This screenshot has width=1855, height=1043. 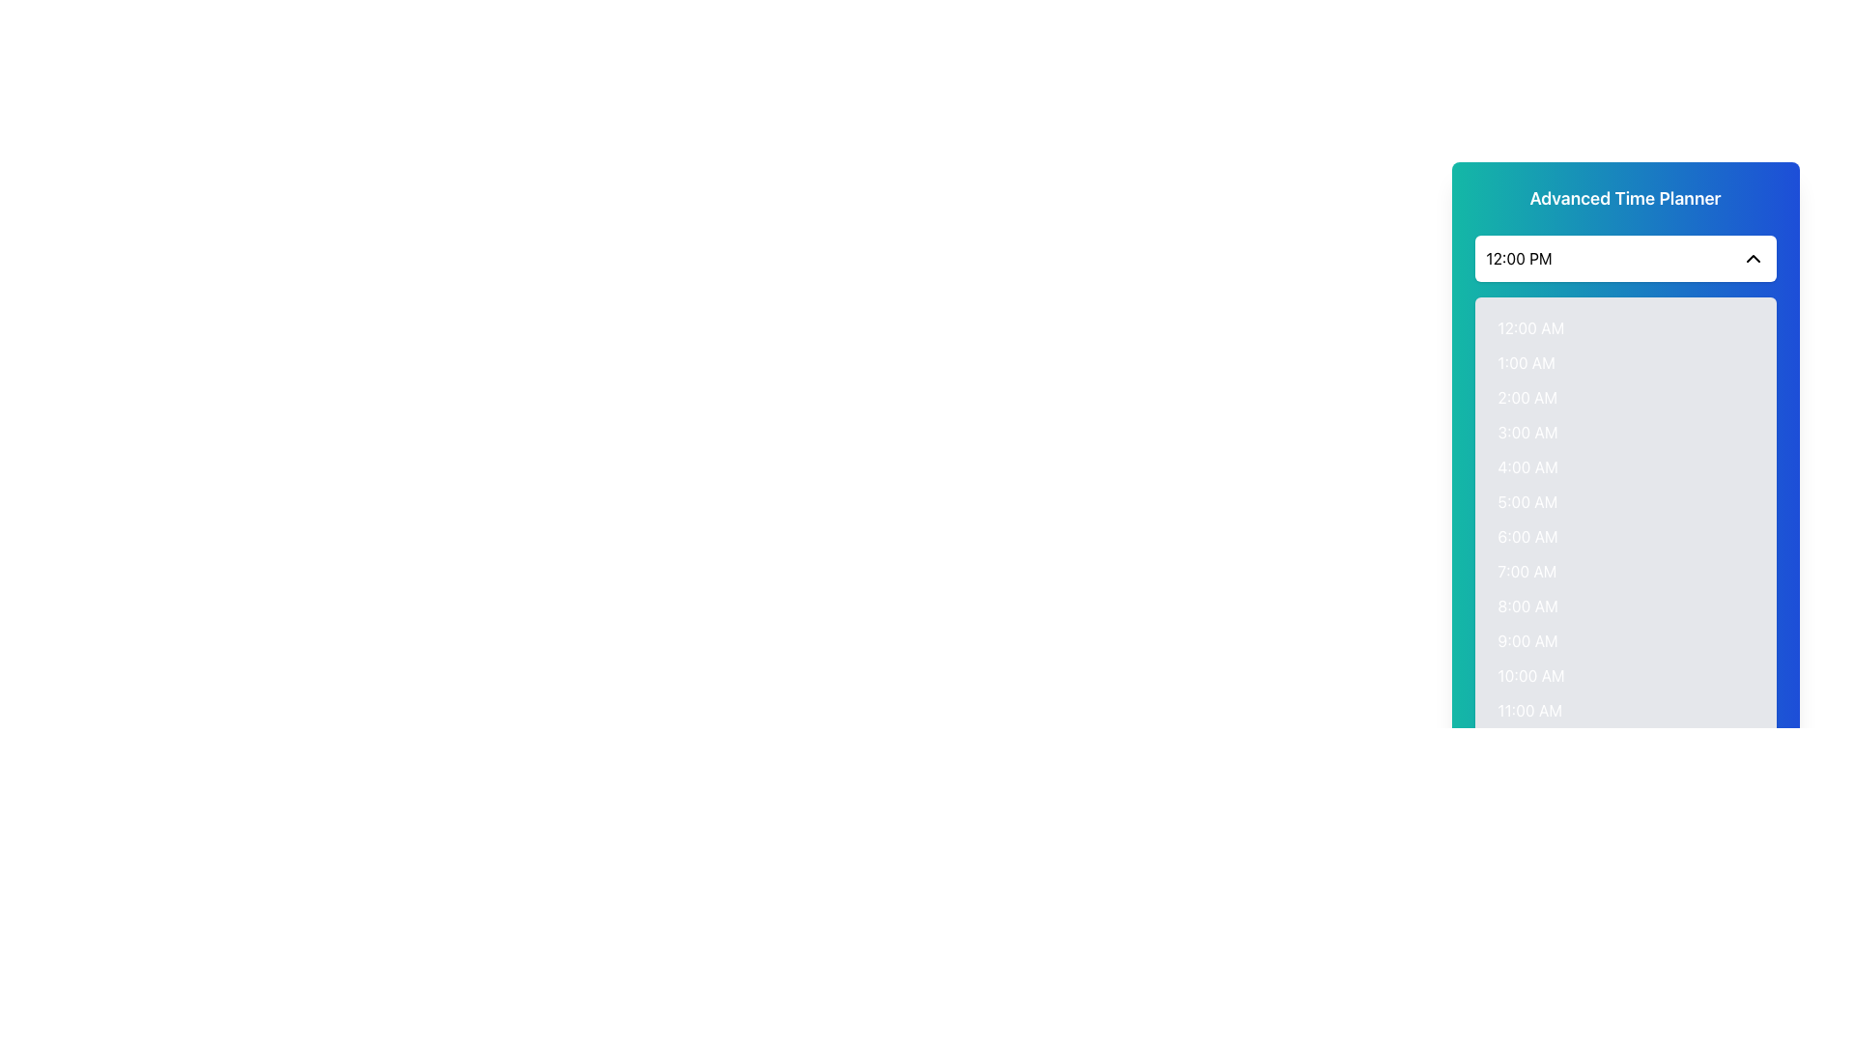 What do you see at coordinates (1624, 326) in the screenshot?
I see `the selectable item displaying '12:00 AM' in the dropdown list` at bounding box center [1624, 326].